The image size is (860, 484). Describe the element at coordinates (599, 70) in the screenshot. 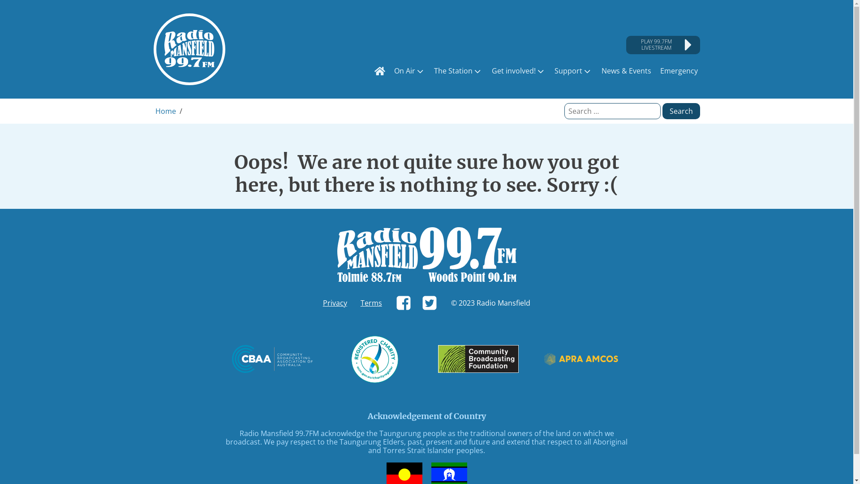

I see `'News & Events'` at that location.